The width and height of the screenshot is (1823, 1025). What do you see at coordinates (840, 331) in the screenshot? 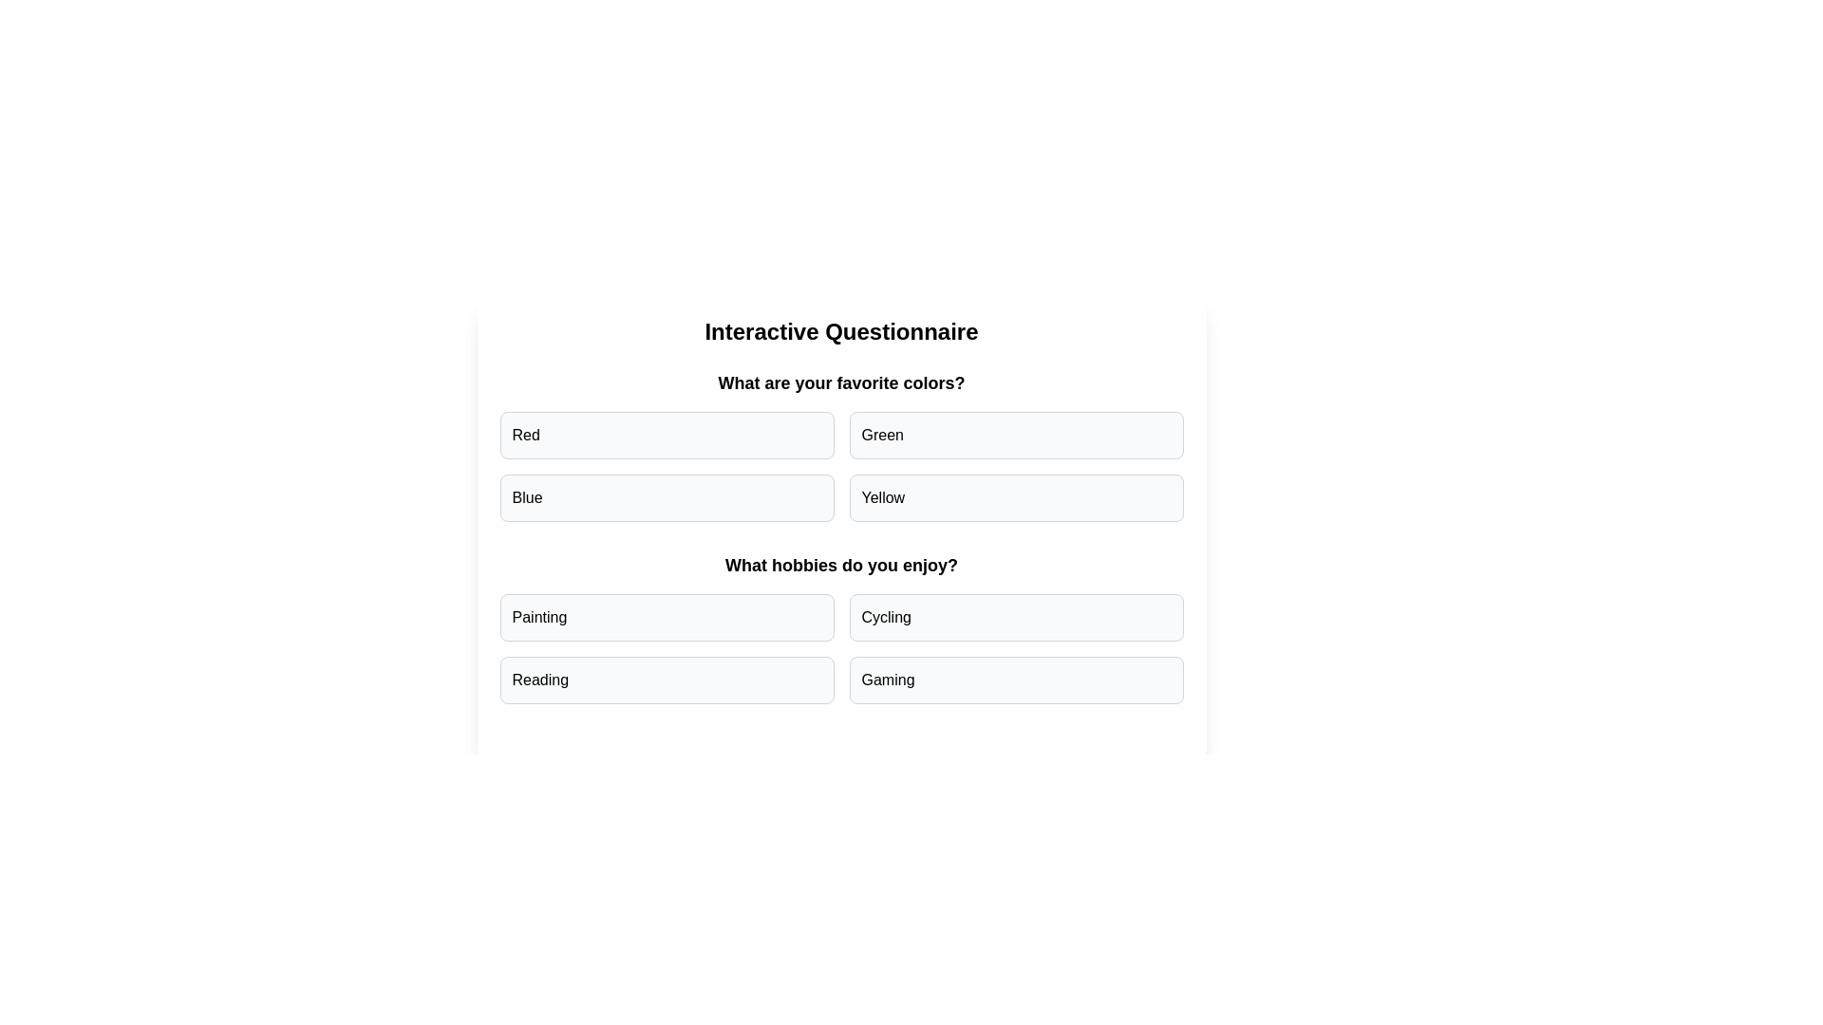
I see `the main title of the component` at bounding box center [840, 331].